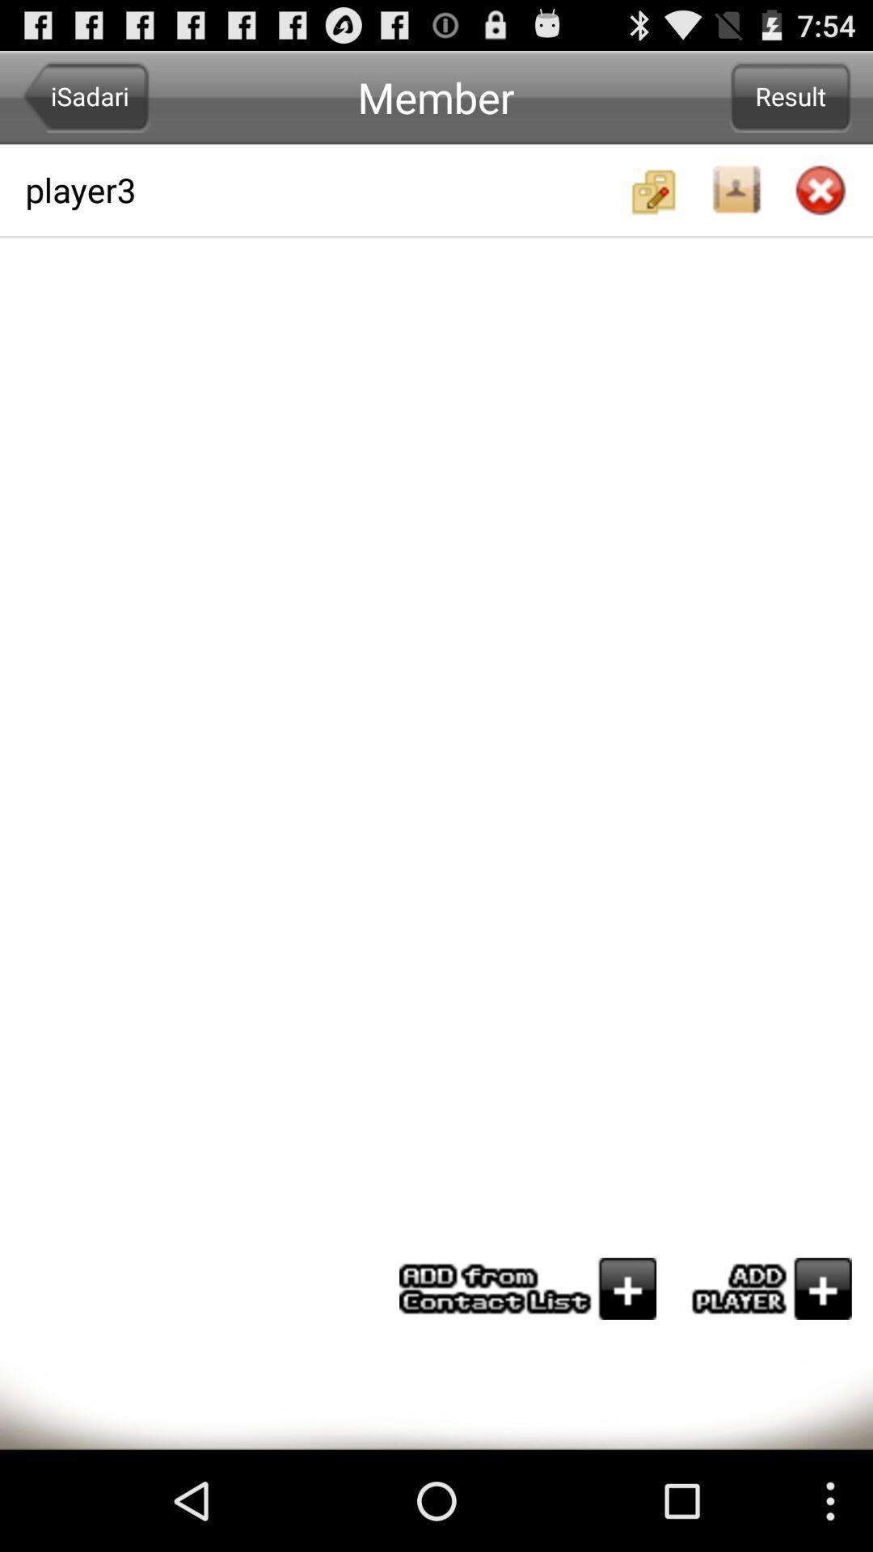 This screenshot has height=1552, width=873. What do you see at coordinates (86, 96) in the screenshot?
I see `isadari icon` at bounding box center [86, 96].